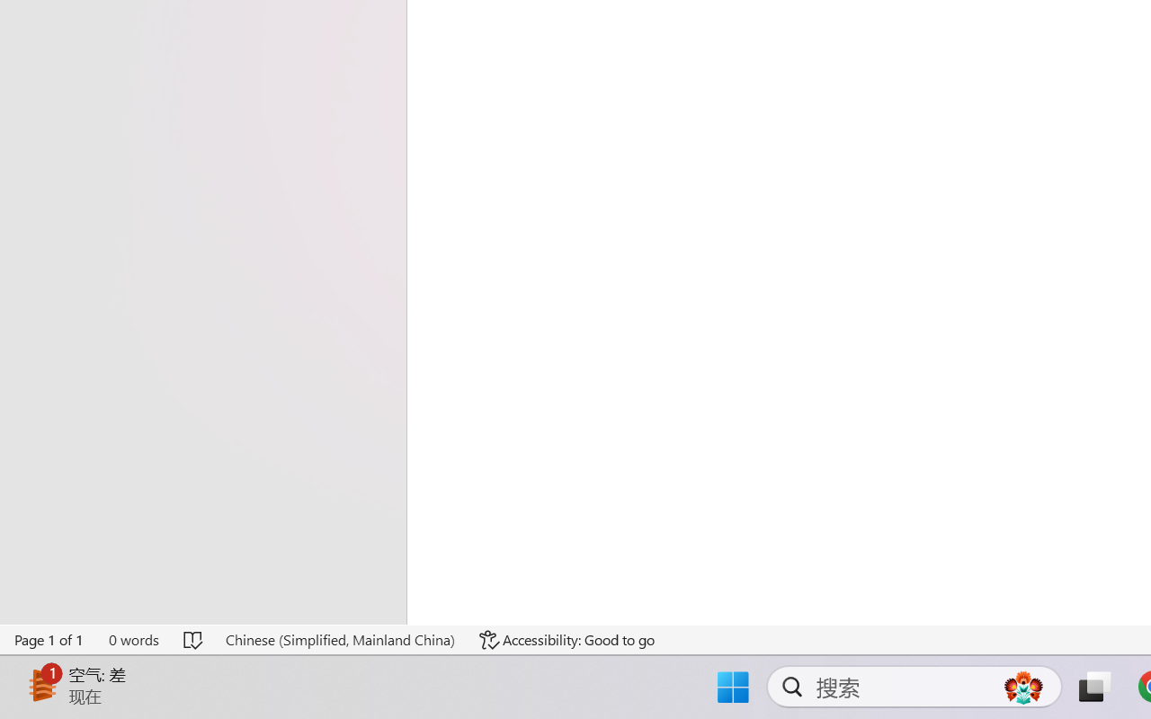  I want to click on 'Language Chinese (Simplified, Mainland China)', so click(340, 639).